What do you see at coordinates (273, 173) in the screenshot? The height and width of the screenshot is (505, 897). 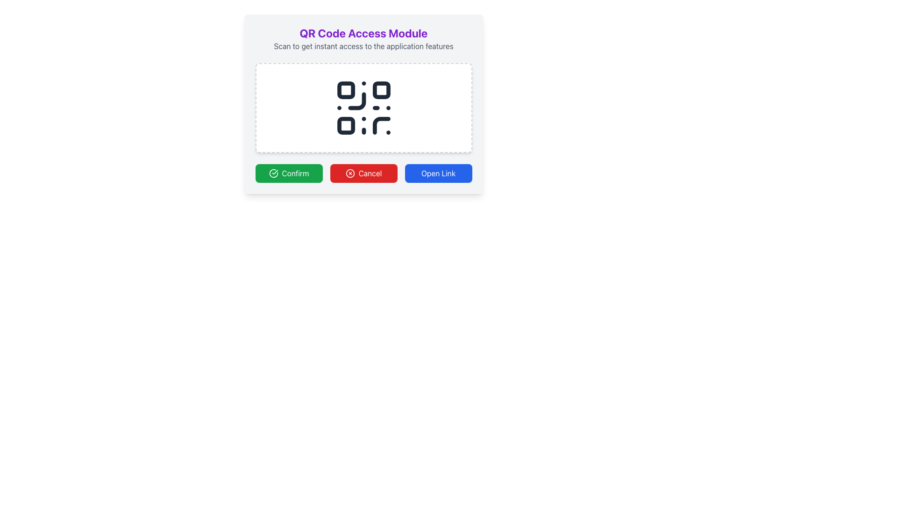 I see `the circular icon with a checkmark inside, which is part of the 'Confirm' button located in the lower left area of the interface` at bounding box center [273, 173].